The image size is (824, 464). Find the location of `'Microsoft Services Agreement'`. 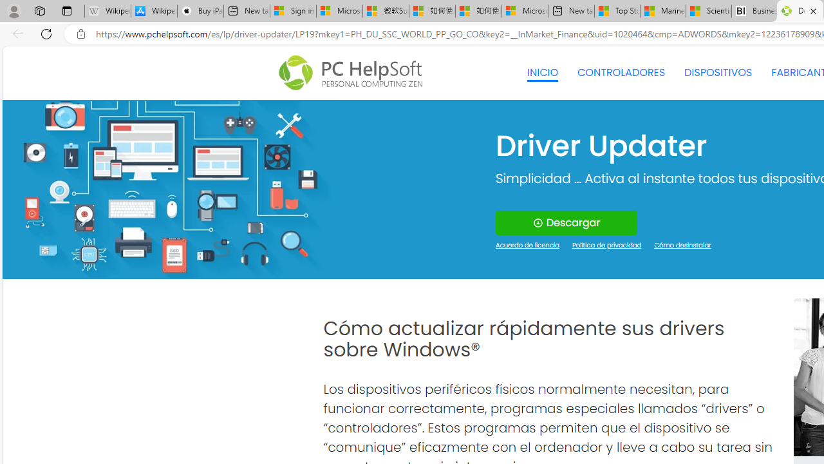

'Microsoft Services Agreement' is located at coordinates (339, 11).